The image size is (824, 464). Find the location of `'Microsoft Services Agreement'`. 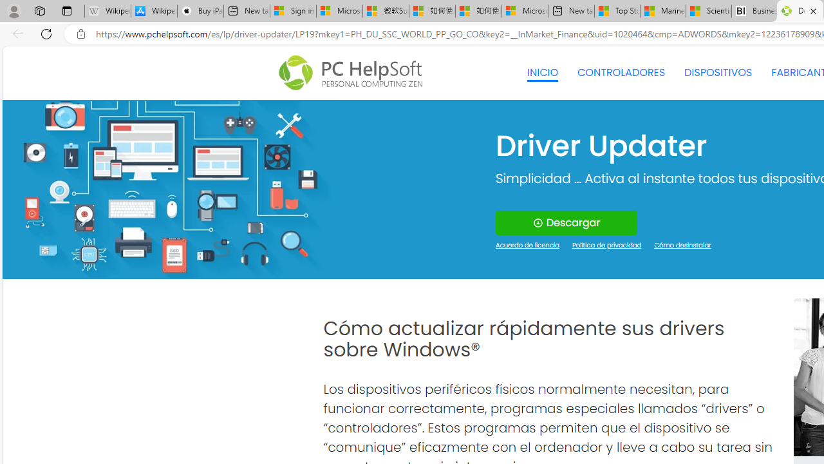

'Microsoft Services Agreement' is located at coordinates (339, 11).